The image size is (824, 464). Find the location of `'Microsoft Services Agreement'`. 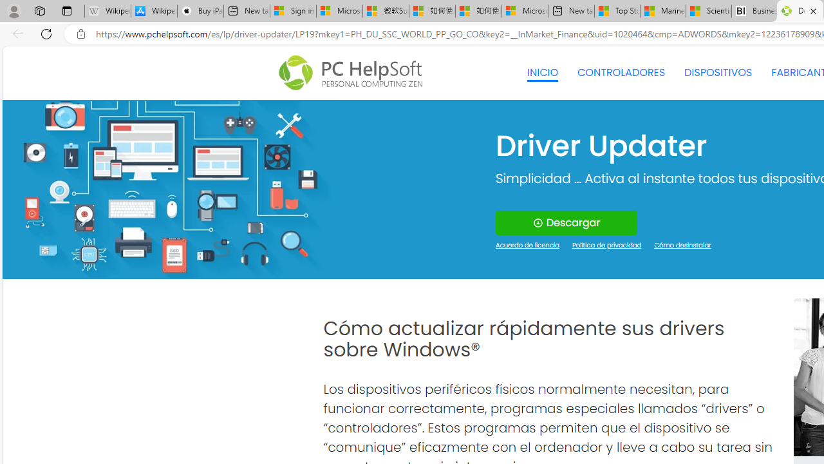

'Microsoft Services Agreement' is located at coordinates (339, 11).